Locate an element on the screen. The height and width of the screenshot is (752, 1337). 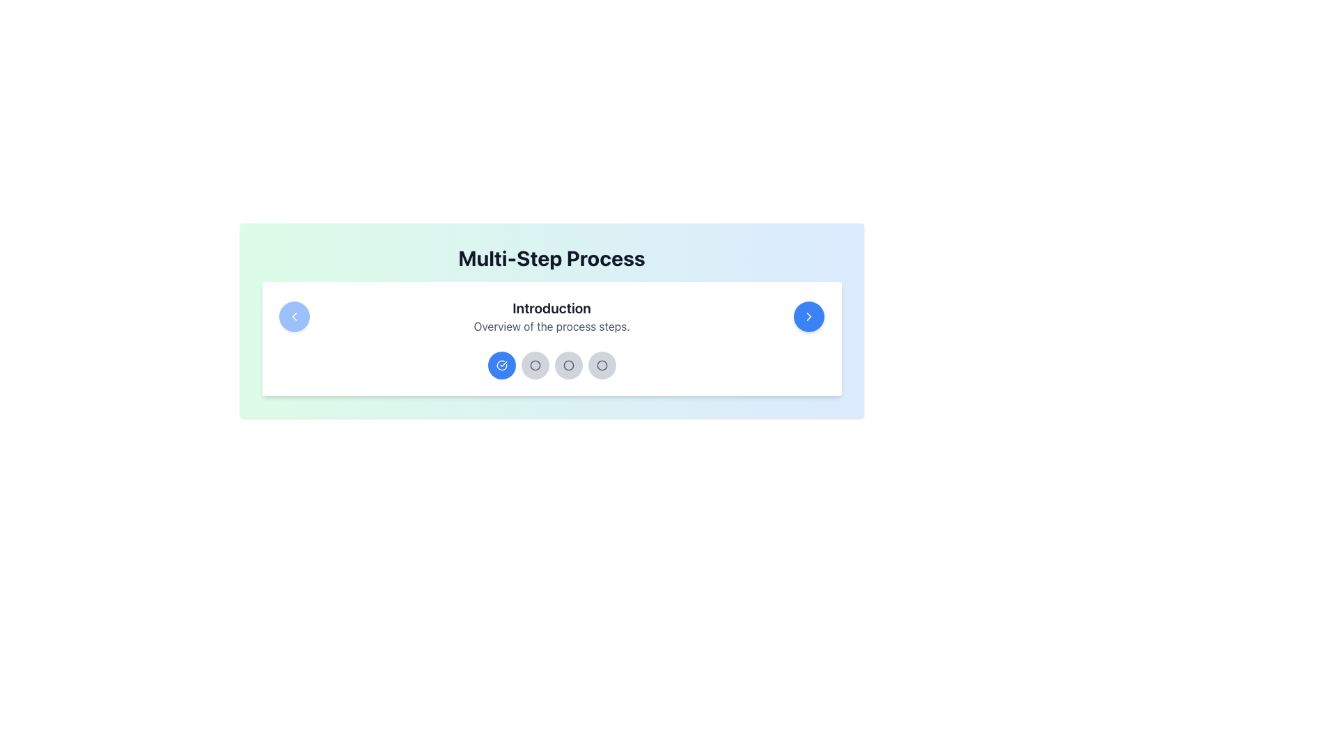
the rightward-pointing chevron icon located inside the circular blue button at the right edge of the white card to proceed to the next step is located at coordinates (809, 317).